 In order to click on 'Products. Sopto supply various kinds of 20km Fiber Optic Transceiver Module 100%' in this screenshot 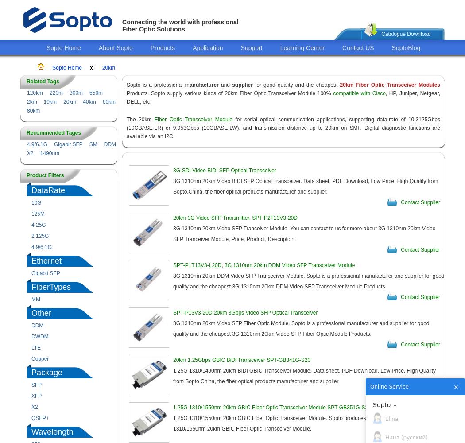, I will do `click(228, 93)`.